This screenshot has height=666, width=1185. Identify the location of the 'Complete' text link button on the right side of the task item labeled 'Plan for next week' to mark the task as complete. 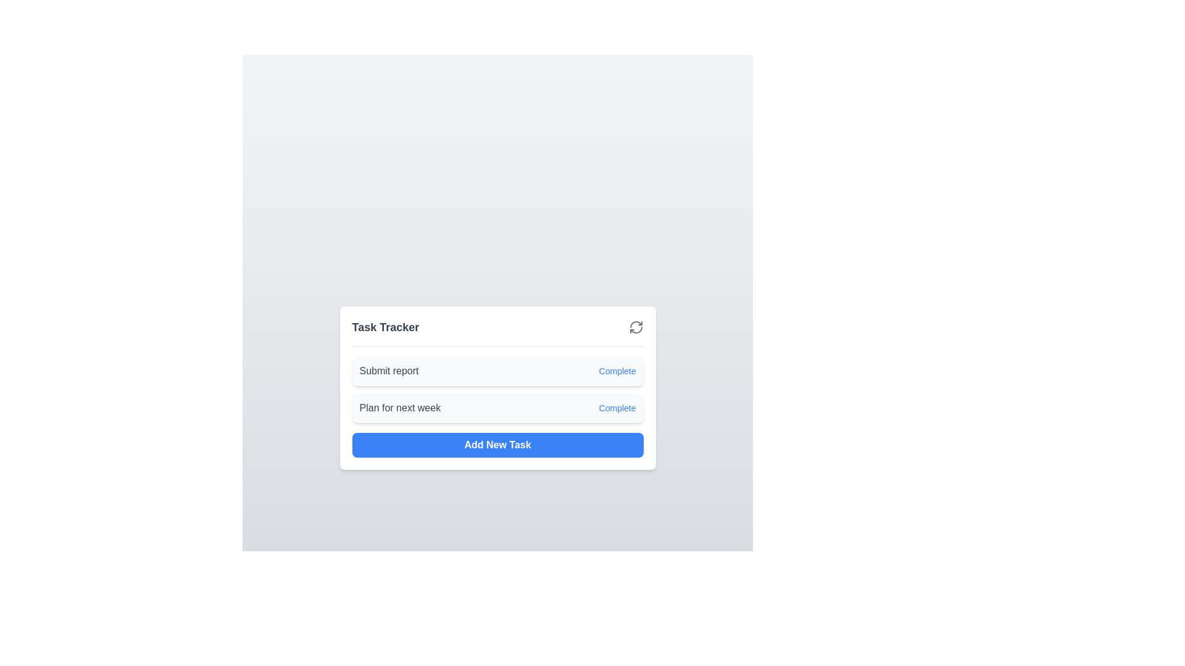
(617, 408).